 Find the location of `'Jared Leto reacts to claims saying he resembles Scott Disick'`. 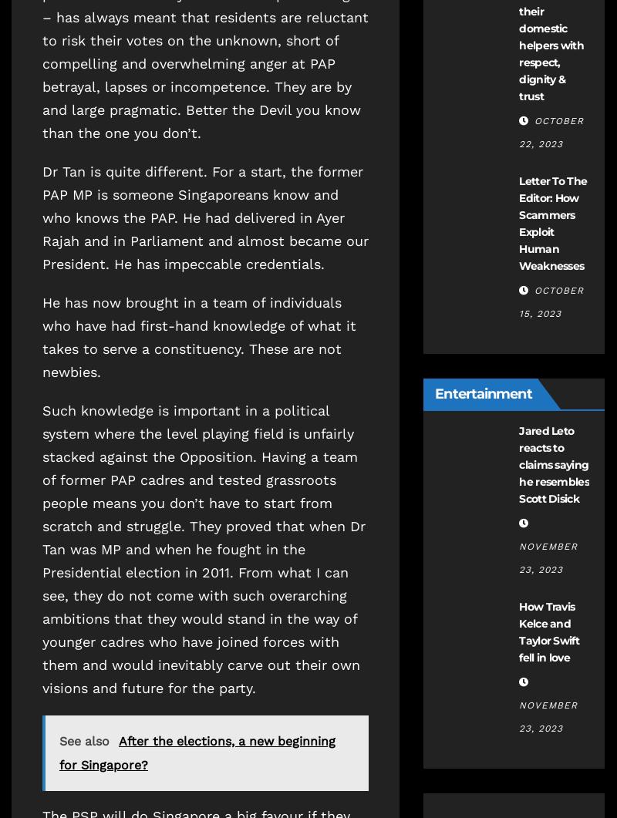

'Jared Leto reacts to claims saying he resembles Scott Disick' is located at coordinates (553, 463).